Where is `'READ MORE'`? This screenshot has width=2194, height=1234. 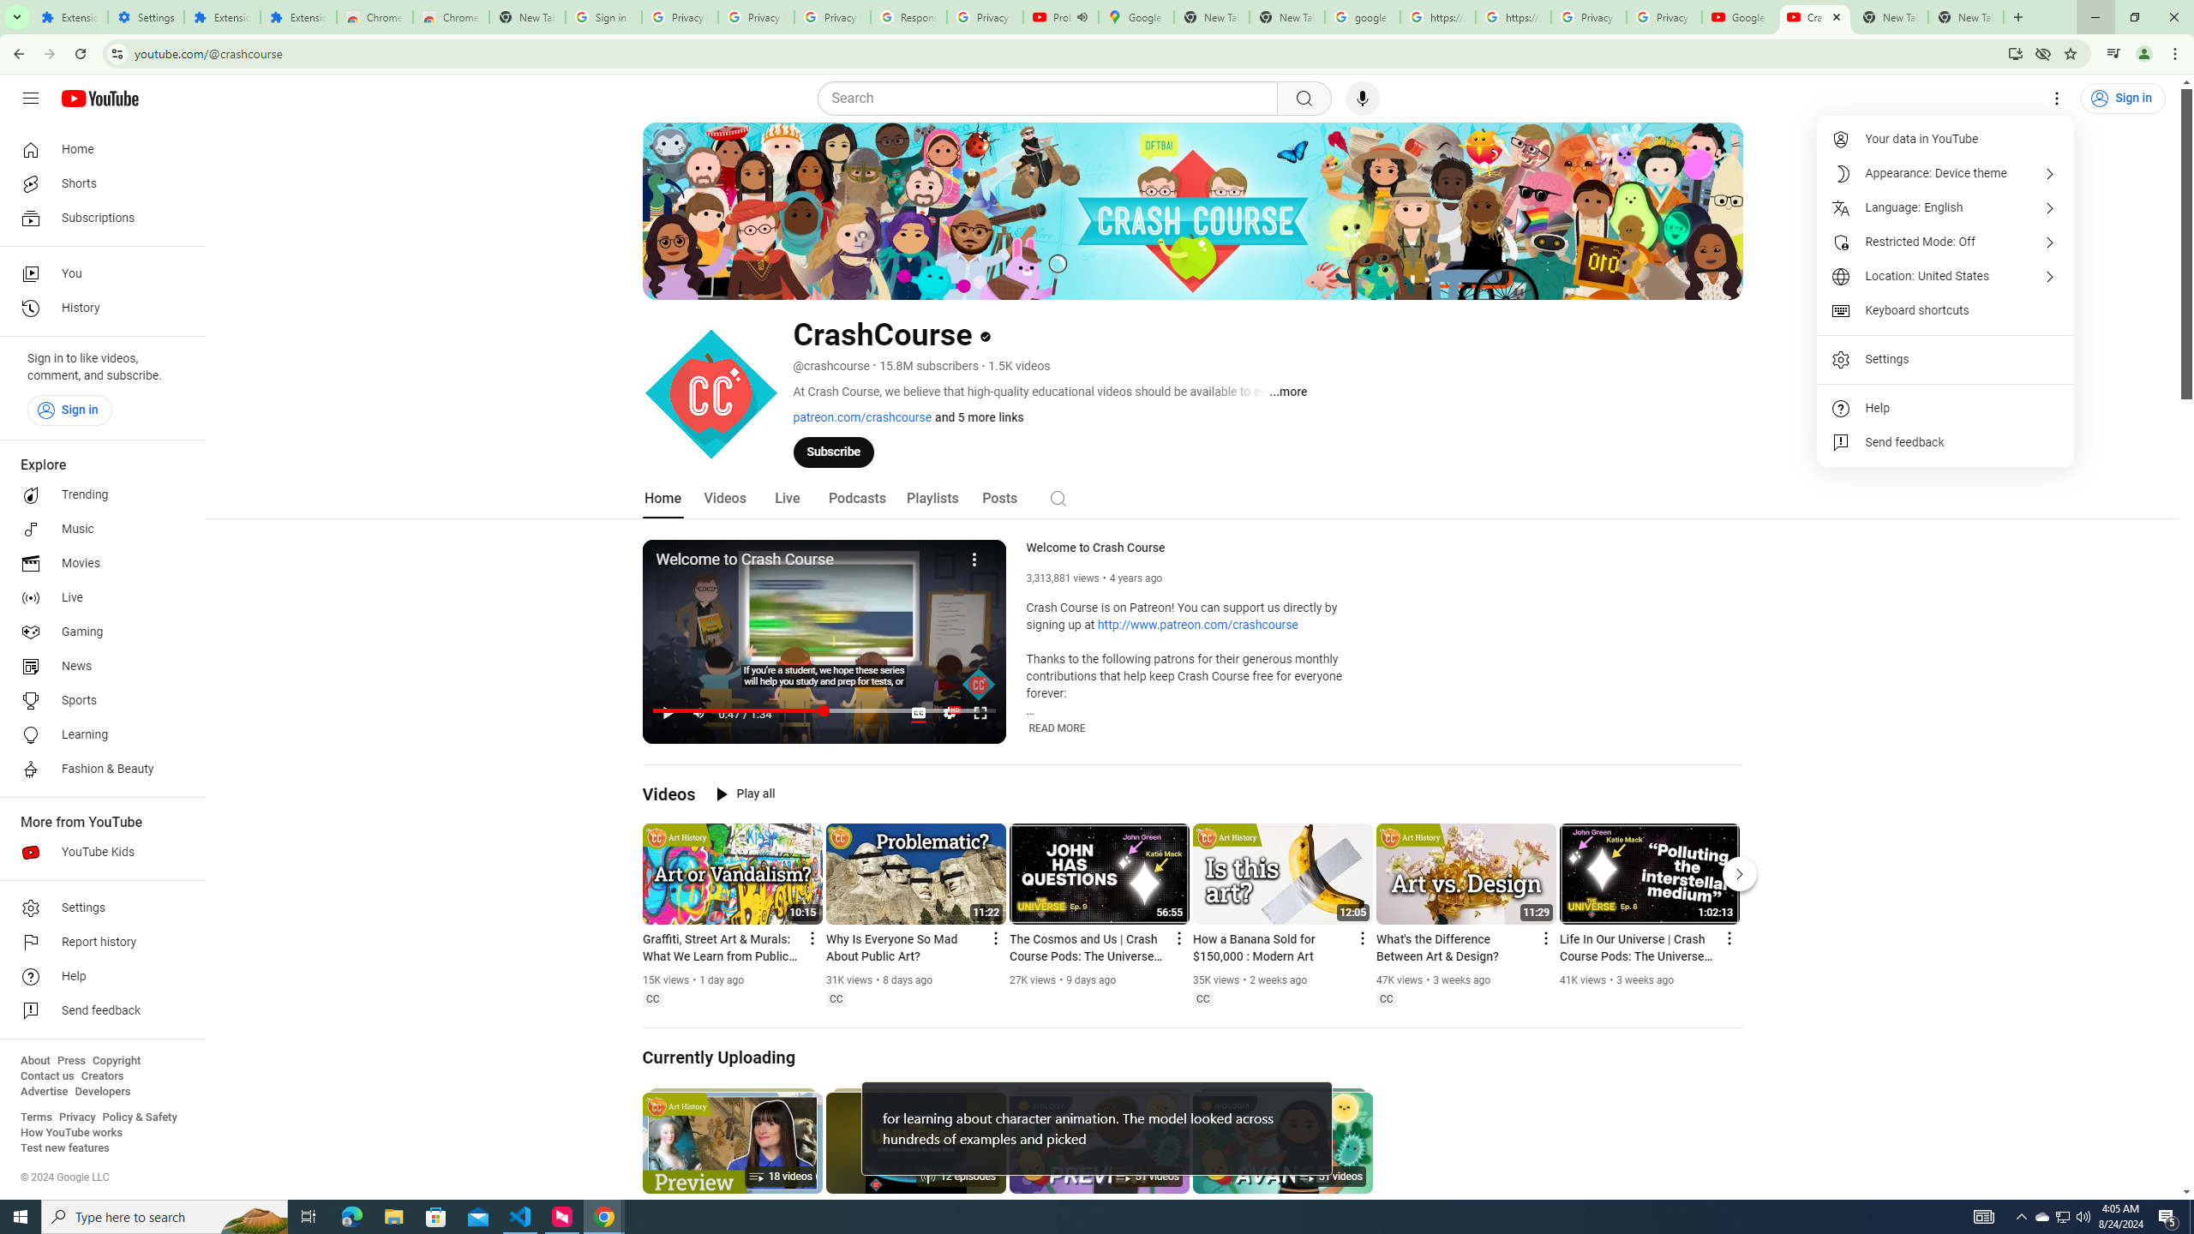 'READ MORE' is located at coordinates (1056, 728).